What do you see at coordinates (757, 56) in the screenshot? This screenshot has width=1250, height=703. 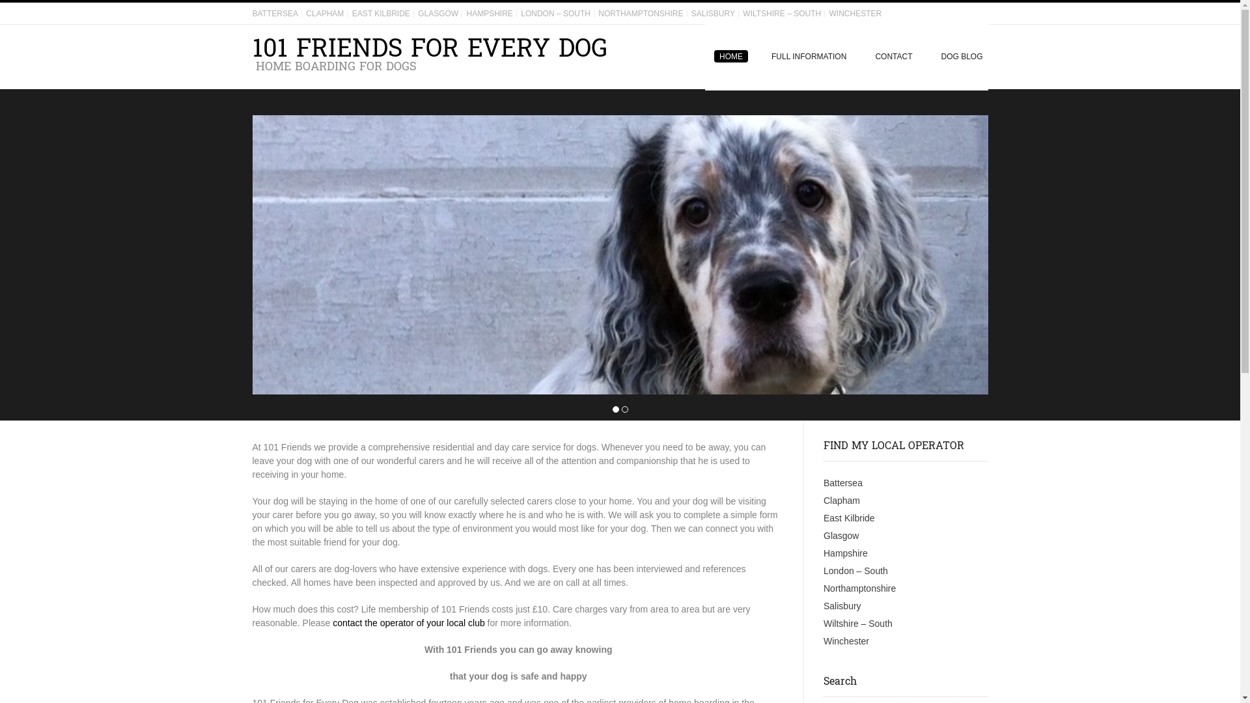 I see `'FULL INFORMATION'` at bounding box center [757, 56].